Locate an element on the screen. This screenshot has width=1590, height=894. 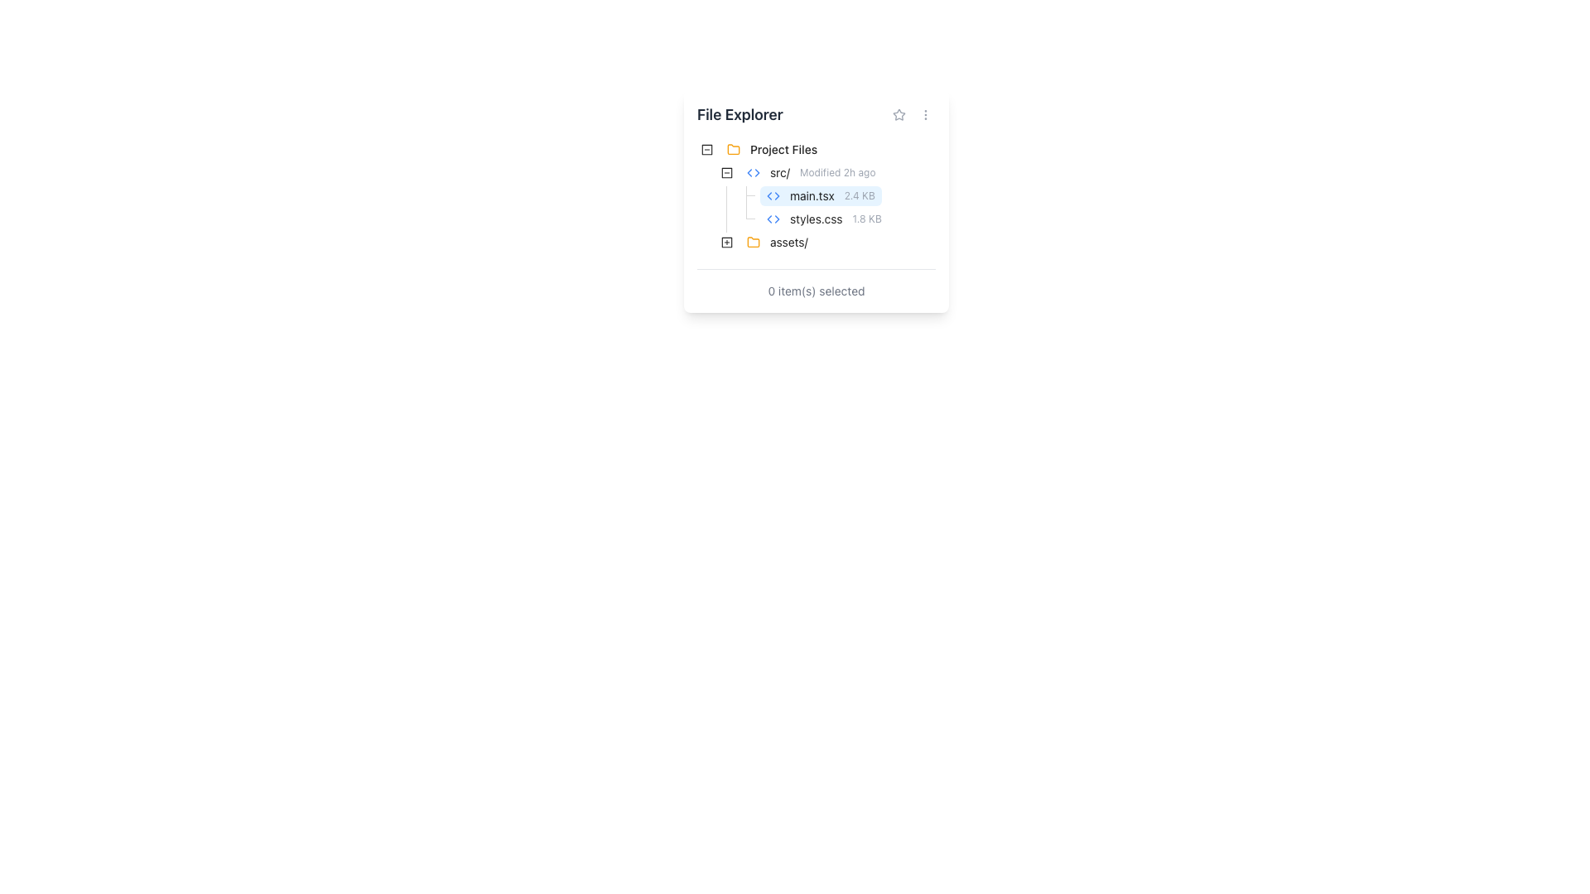
the file entry labeled 'main.tsx' in the tree structure is located at coordinates (788, 195).